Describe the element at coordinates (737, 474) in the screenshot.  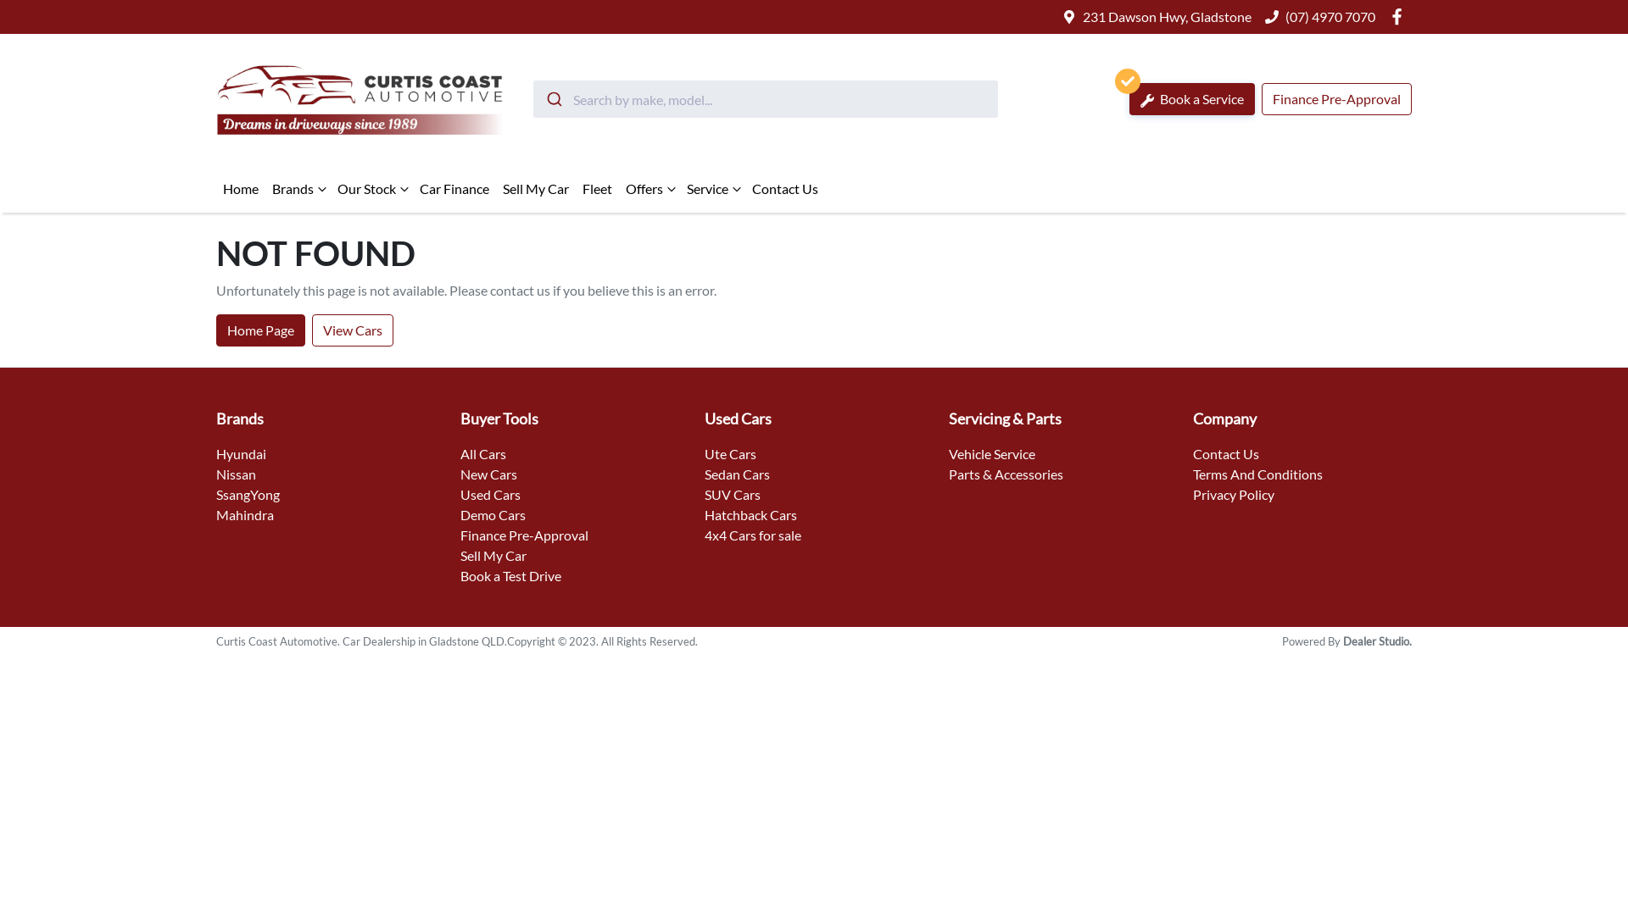
I see `'Sedan Cars'` at that location.